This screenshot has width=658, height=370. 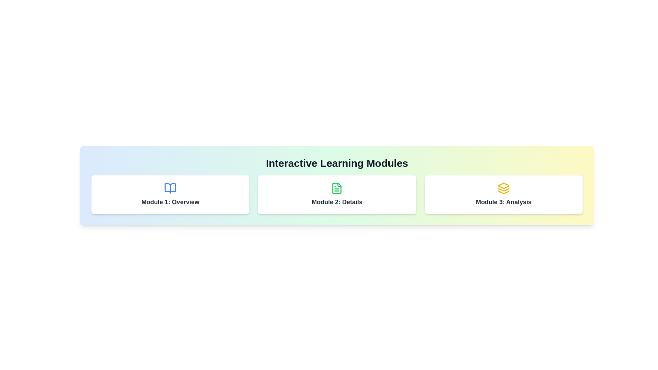 I want to click on the open book icon with a blue outline located in the 'Module 1: Overview' card, centered above the title text, so click(x=170, y=188).